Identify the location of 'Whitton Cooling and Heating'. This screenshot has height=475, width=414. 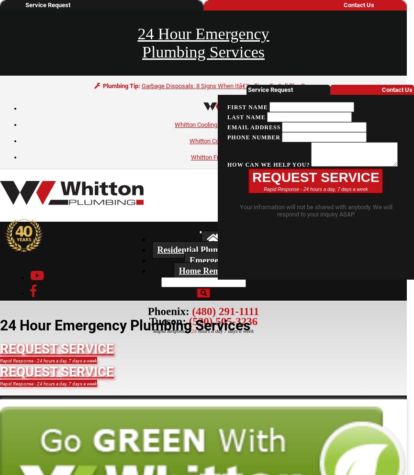
(213, 124).